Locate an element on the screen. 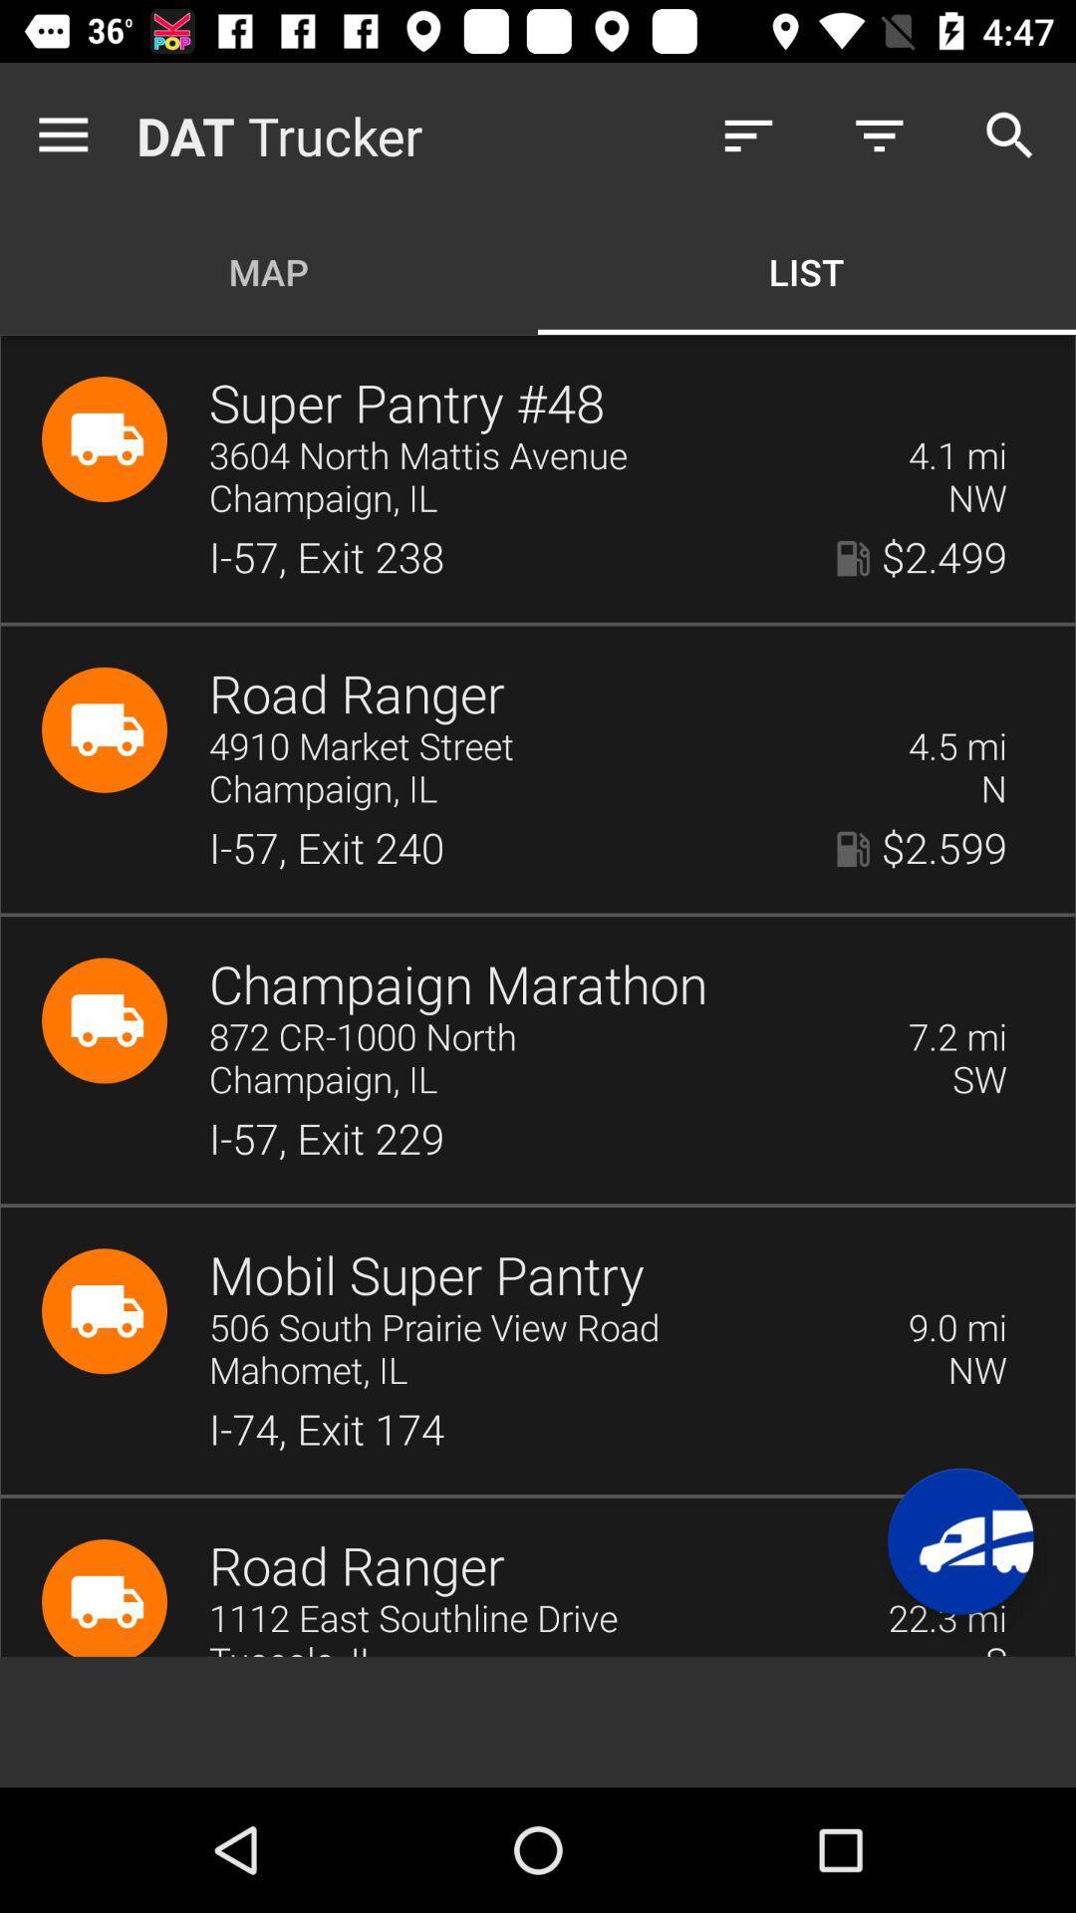 This screenshot has height=1913, width=1076. the icon below the 1112 east southline is located at coordinates (583, 1648).